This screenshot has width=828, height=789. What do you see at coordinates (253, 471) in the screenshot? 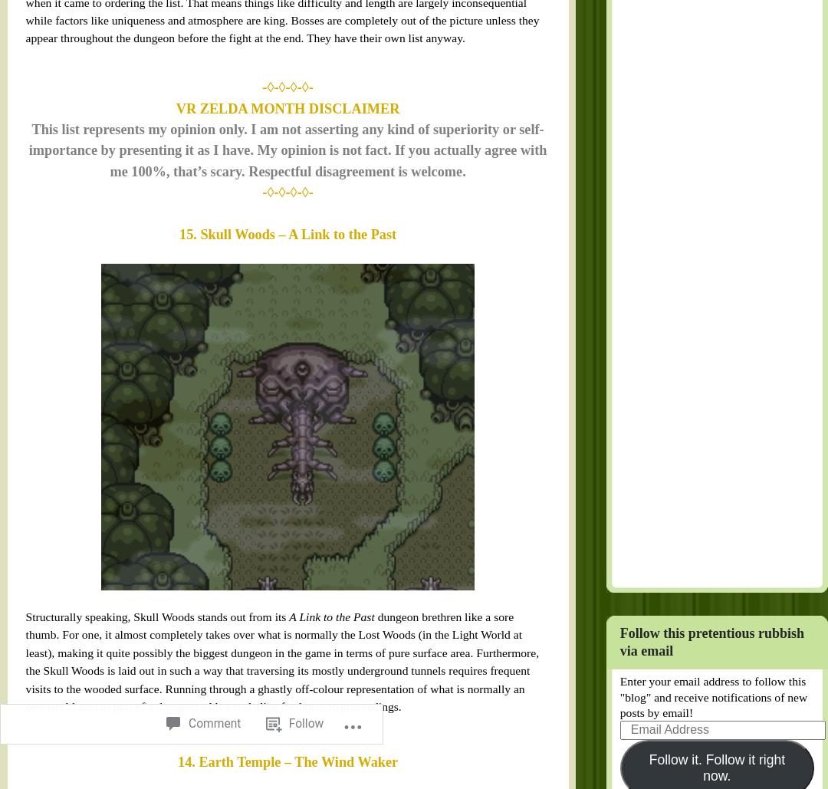
I see `'Follow'` at bounding box center [253, 471].